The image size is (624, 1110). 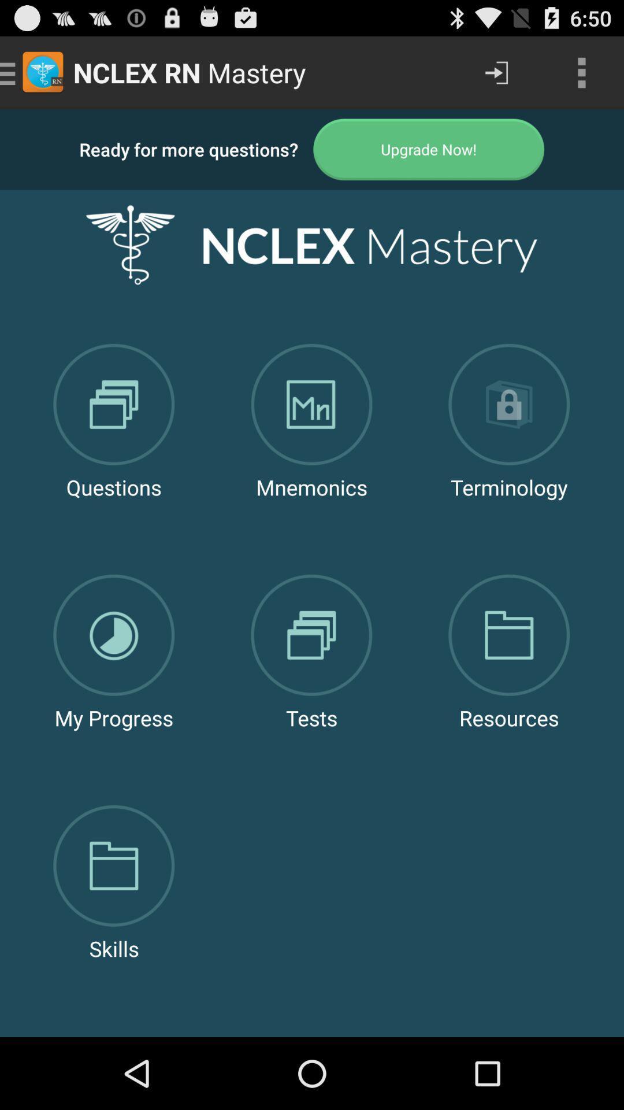 What do you see at coordinates (429, 149) in the screenshot?
I see `upgrade now` at bounding box center [429, 149].